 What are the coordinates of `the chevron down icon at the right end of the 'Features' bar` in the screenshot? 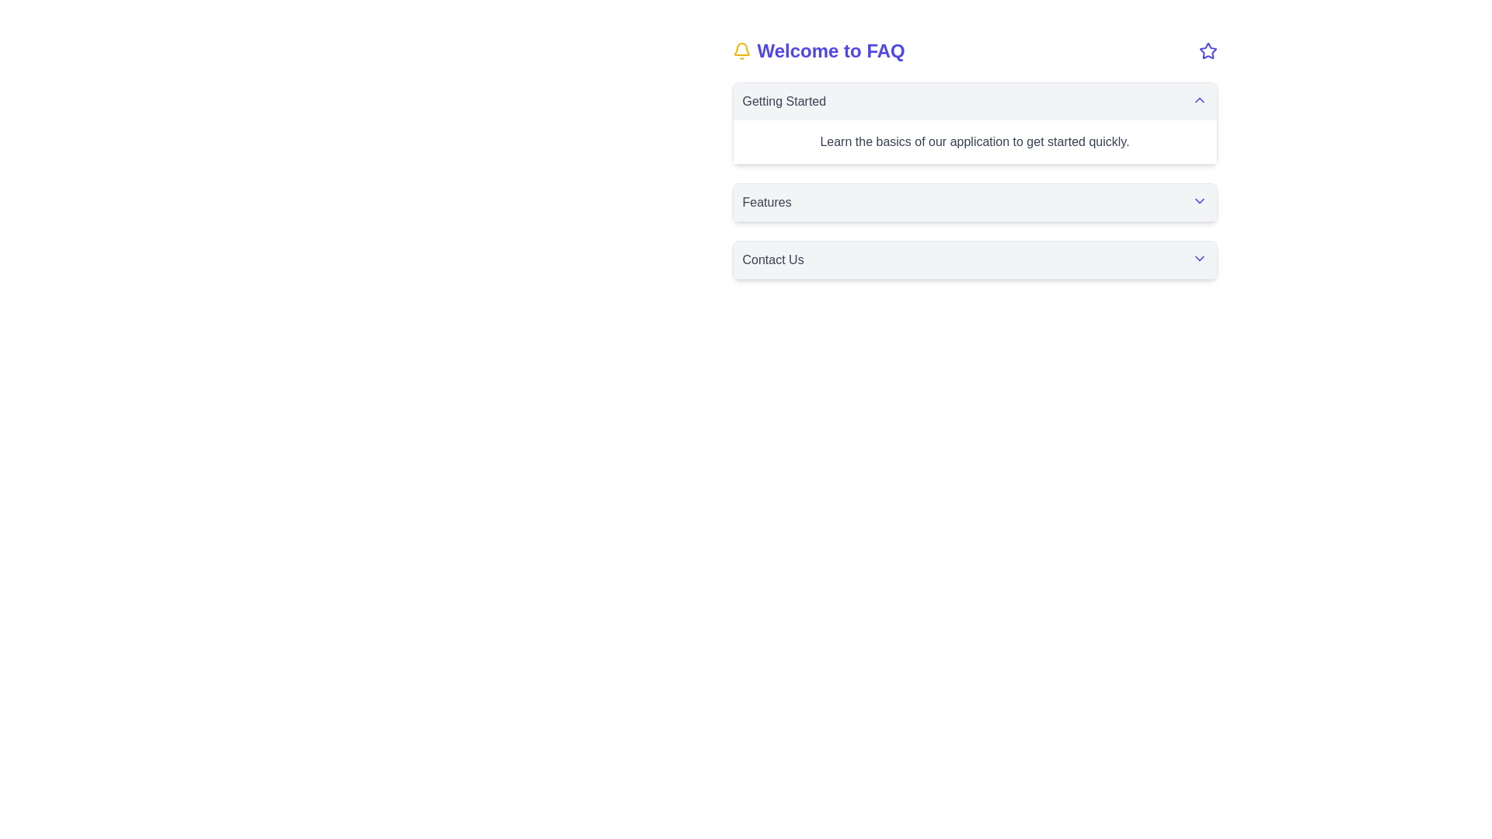 It's located at (1198, 200).